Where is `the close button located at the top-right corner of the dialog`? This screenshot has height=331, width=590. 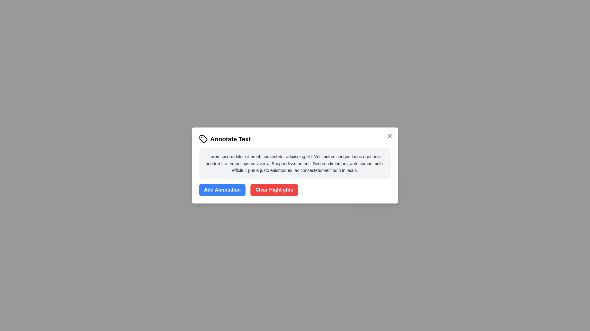 the close button located at the top-right corner of the dialog is located at coordinates (389, 135).